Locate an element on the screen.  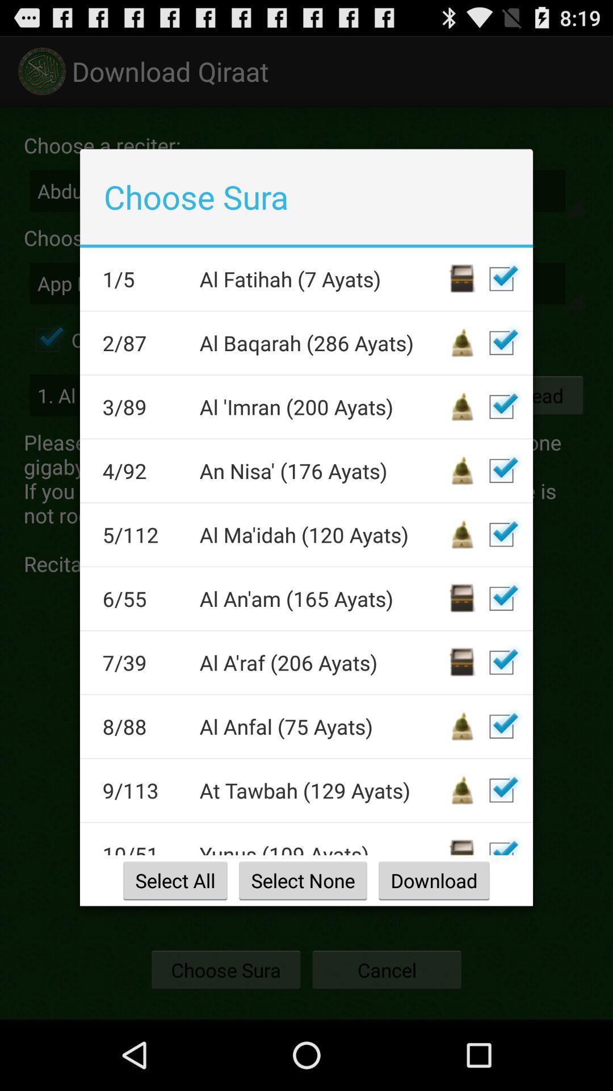
unselect checkbox is located at coordinates (501, 726).